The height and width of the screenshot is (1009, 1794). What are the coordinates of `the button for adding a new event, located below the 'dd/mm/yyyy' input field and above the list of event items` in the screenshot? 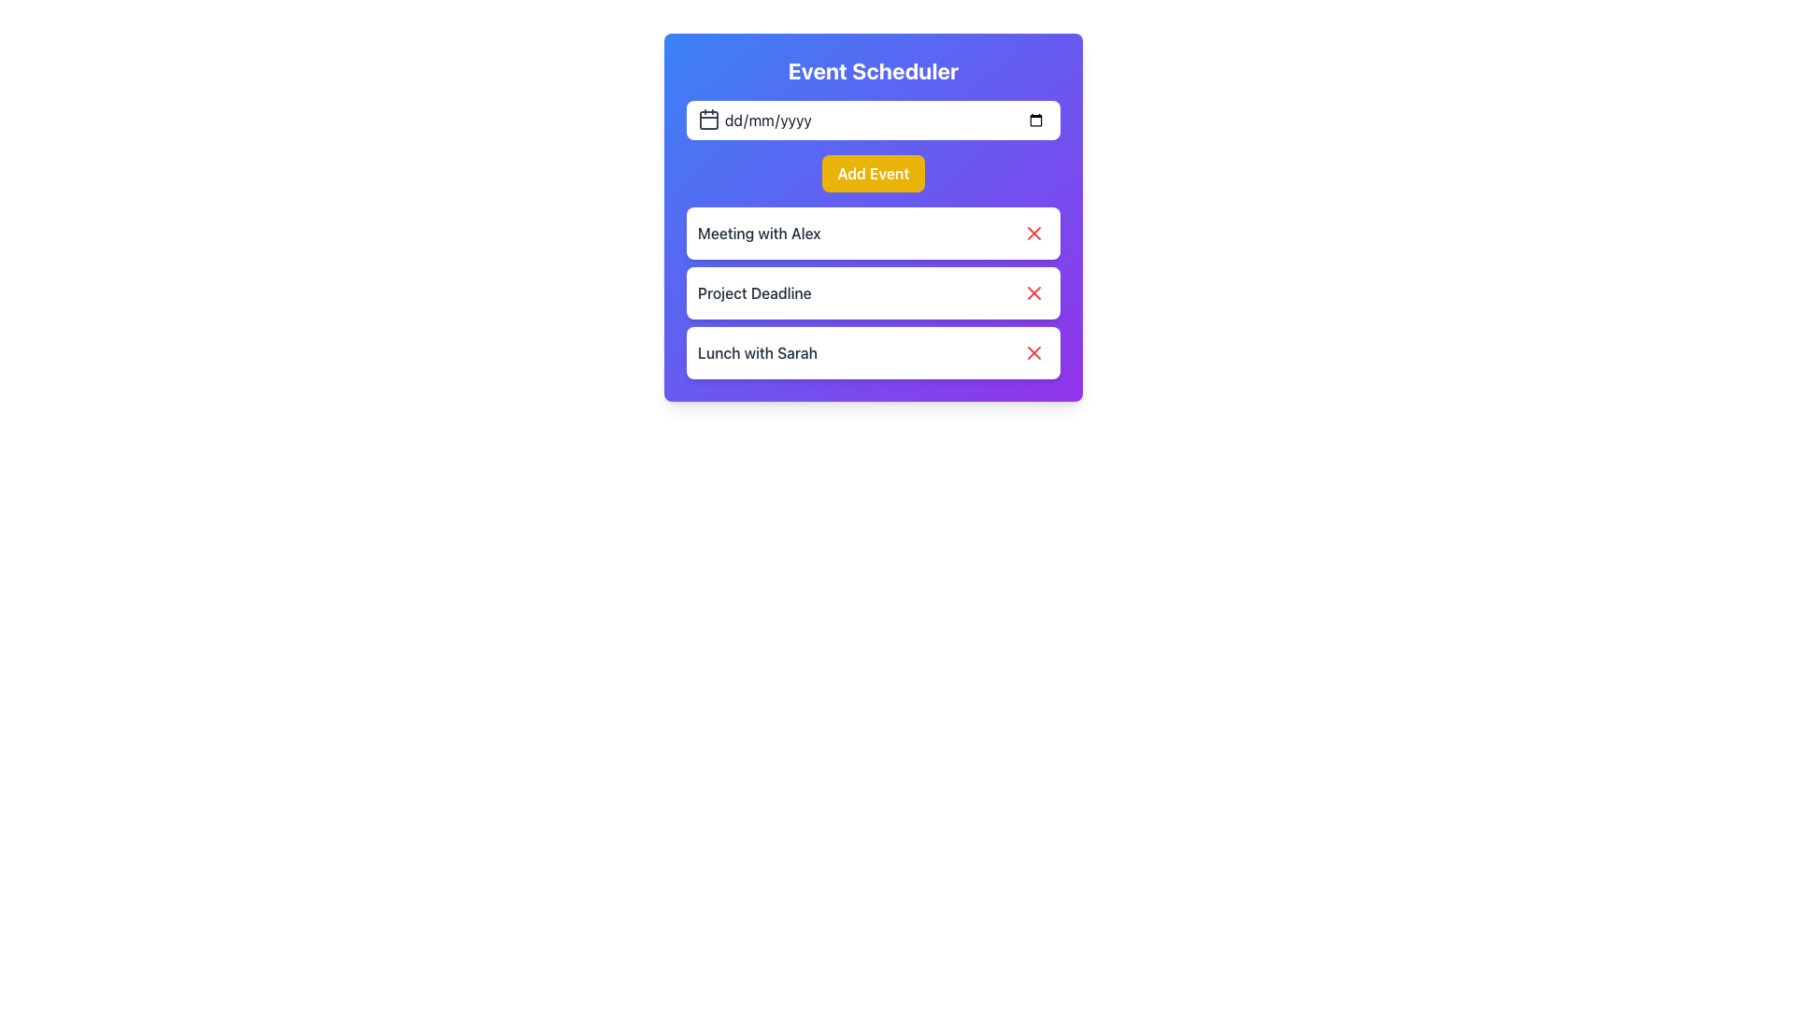 It's located at (873, 173).